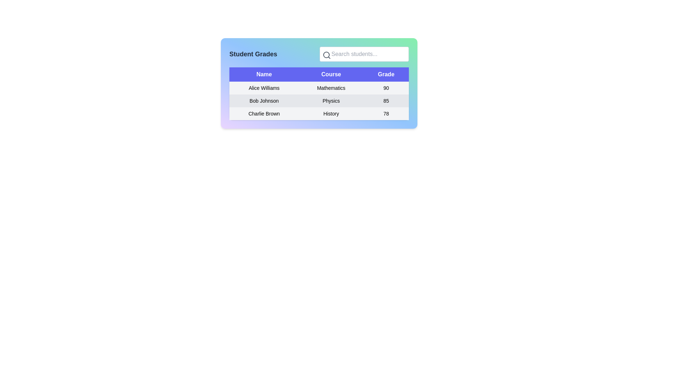 Image resolution: width=685 pixels, height=385 pixels. Describe the element at coordinates (326, 55) in the screenshot. I see `the SVG Circle Element representing the lens of the search icon, which is styled with a gray stroke and located to the left of the search input field` at that location.